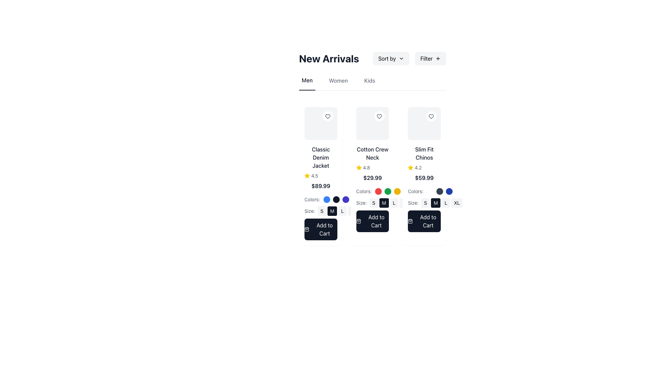 The height and width of the screenshot is (366, 651). What do you see at coordinates (384, 202) in the screenshot?
I see `the 'M' size selection button located in the second column of the product grid, positioned between the 'S' and 'L' buttons` at bounding box center [384, 202].